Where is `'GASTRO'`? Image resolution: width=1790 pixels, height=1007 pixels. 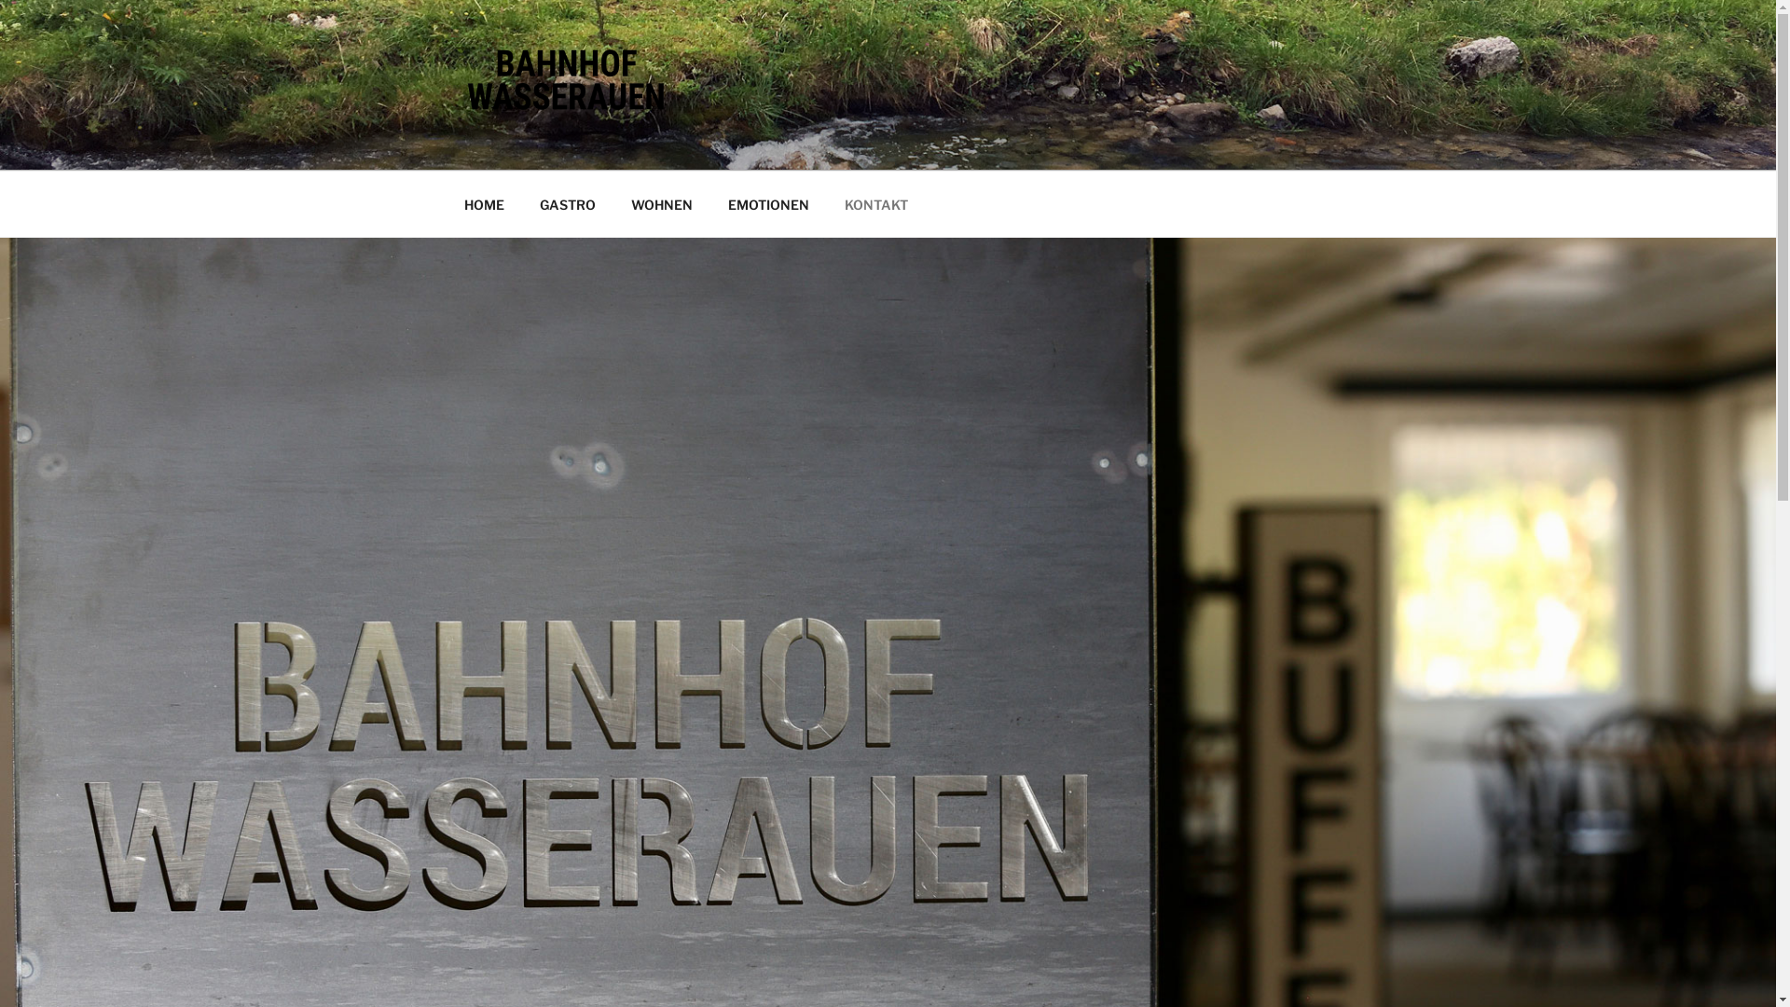
'GASTRO' is located at coordinates (567, 203).